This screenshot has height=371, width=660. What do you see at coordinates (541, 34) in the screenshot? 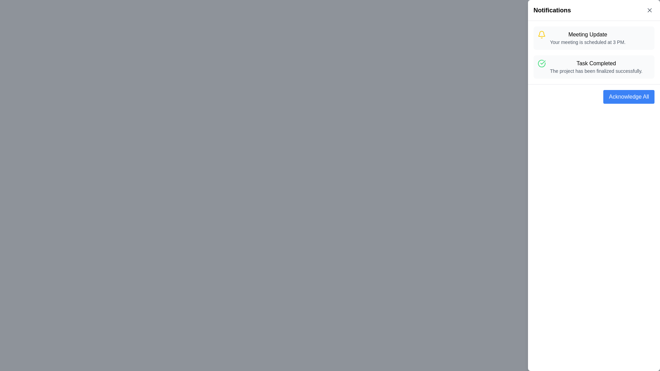
I see `the bell icon located at the top-left corner of the notification card titled 'Meeting Update' which indicates a notification related to a meeting update` at bounding box center [541, 34].